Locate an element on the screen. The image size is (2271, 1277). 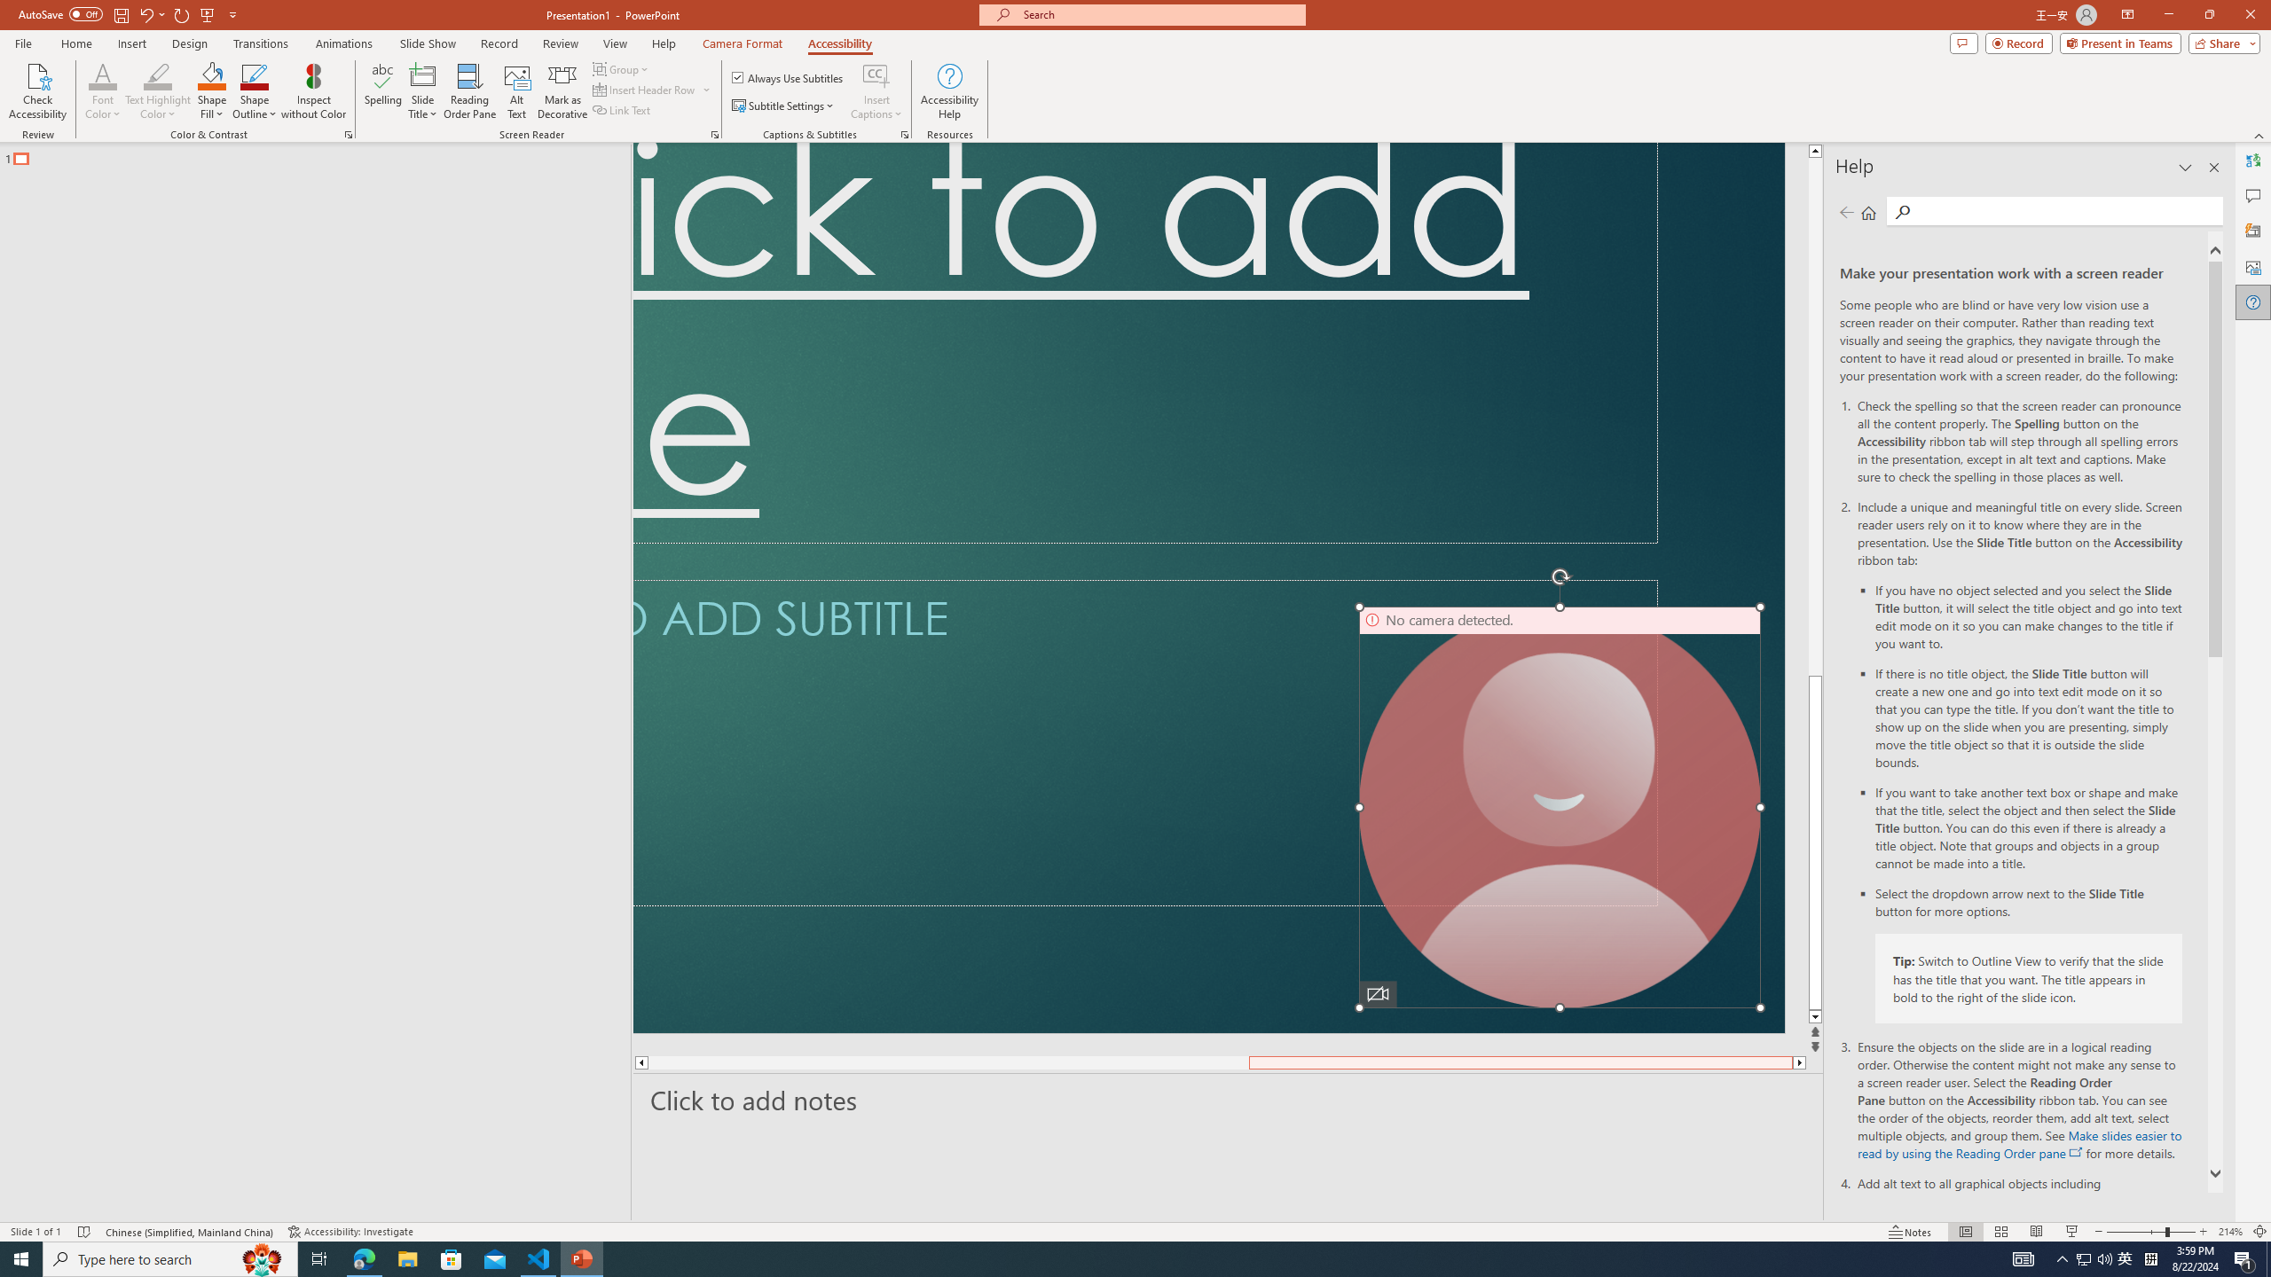
'Insert Header Row' is located at coordinates (652, 88).